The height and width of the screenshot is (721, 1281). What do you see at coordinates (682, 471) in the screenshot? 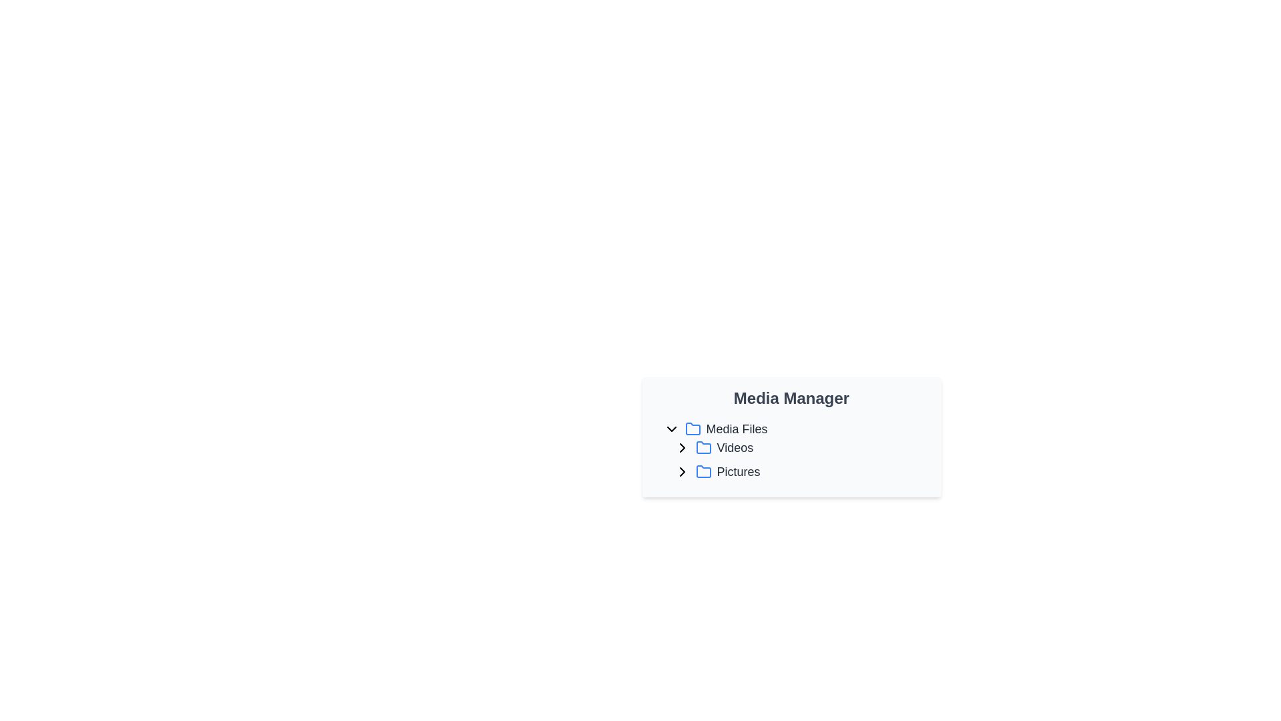
I see `the black arrow icon pointing to the right, located to the left of the 'Pictures' folder label` at bounding box center [682, 471].